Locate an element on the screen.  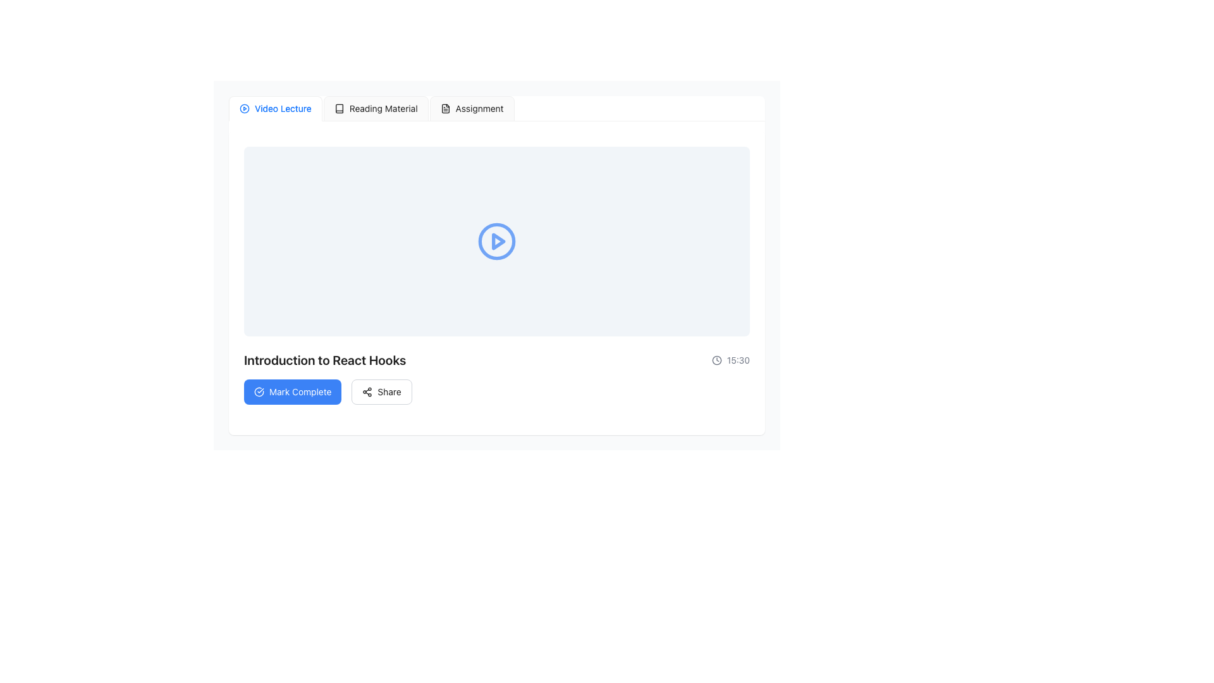
the 'Share' icon located inside the 'Share' button, which is positioned to the right of the 'Mark Complete' button below the video description is located at coordinates (367, 391).